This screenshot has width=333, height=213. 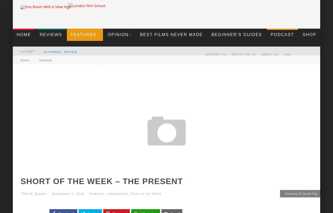 I want to click on 'Support Us', so click(x=215, y=54).